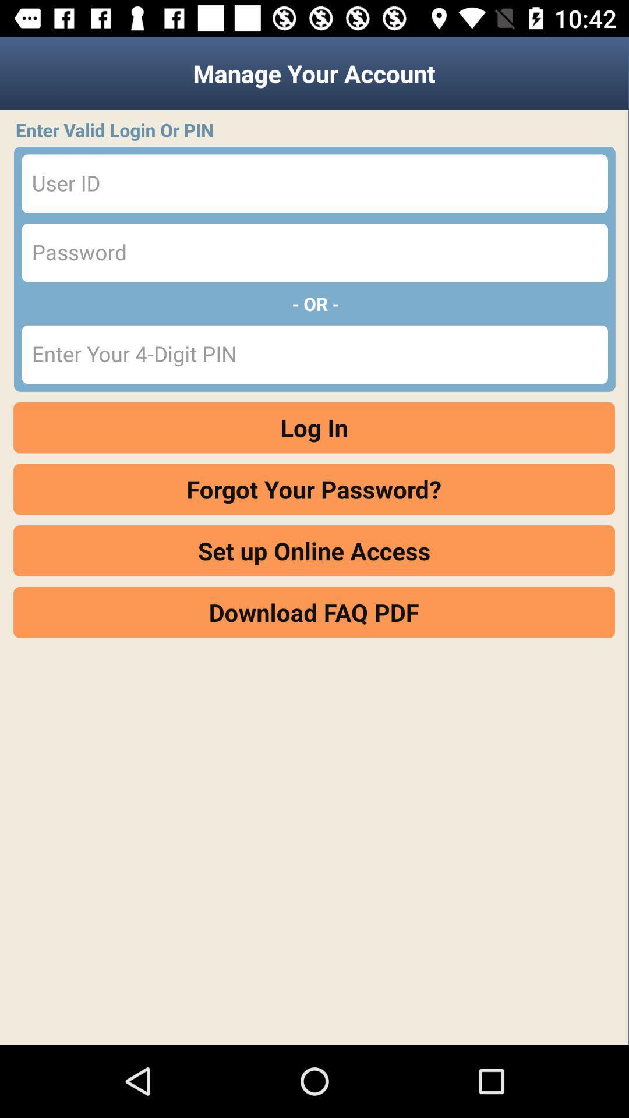  What do you see at coordinates (313, 550) in the screenshot?
I see `the set up online` at bounding box center [313, 550].